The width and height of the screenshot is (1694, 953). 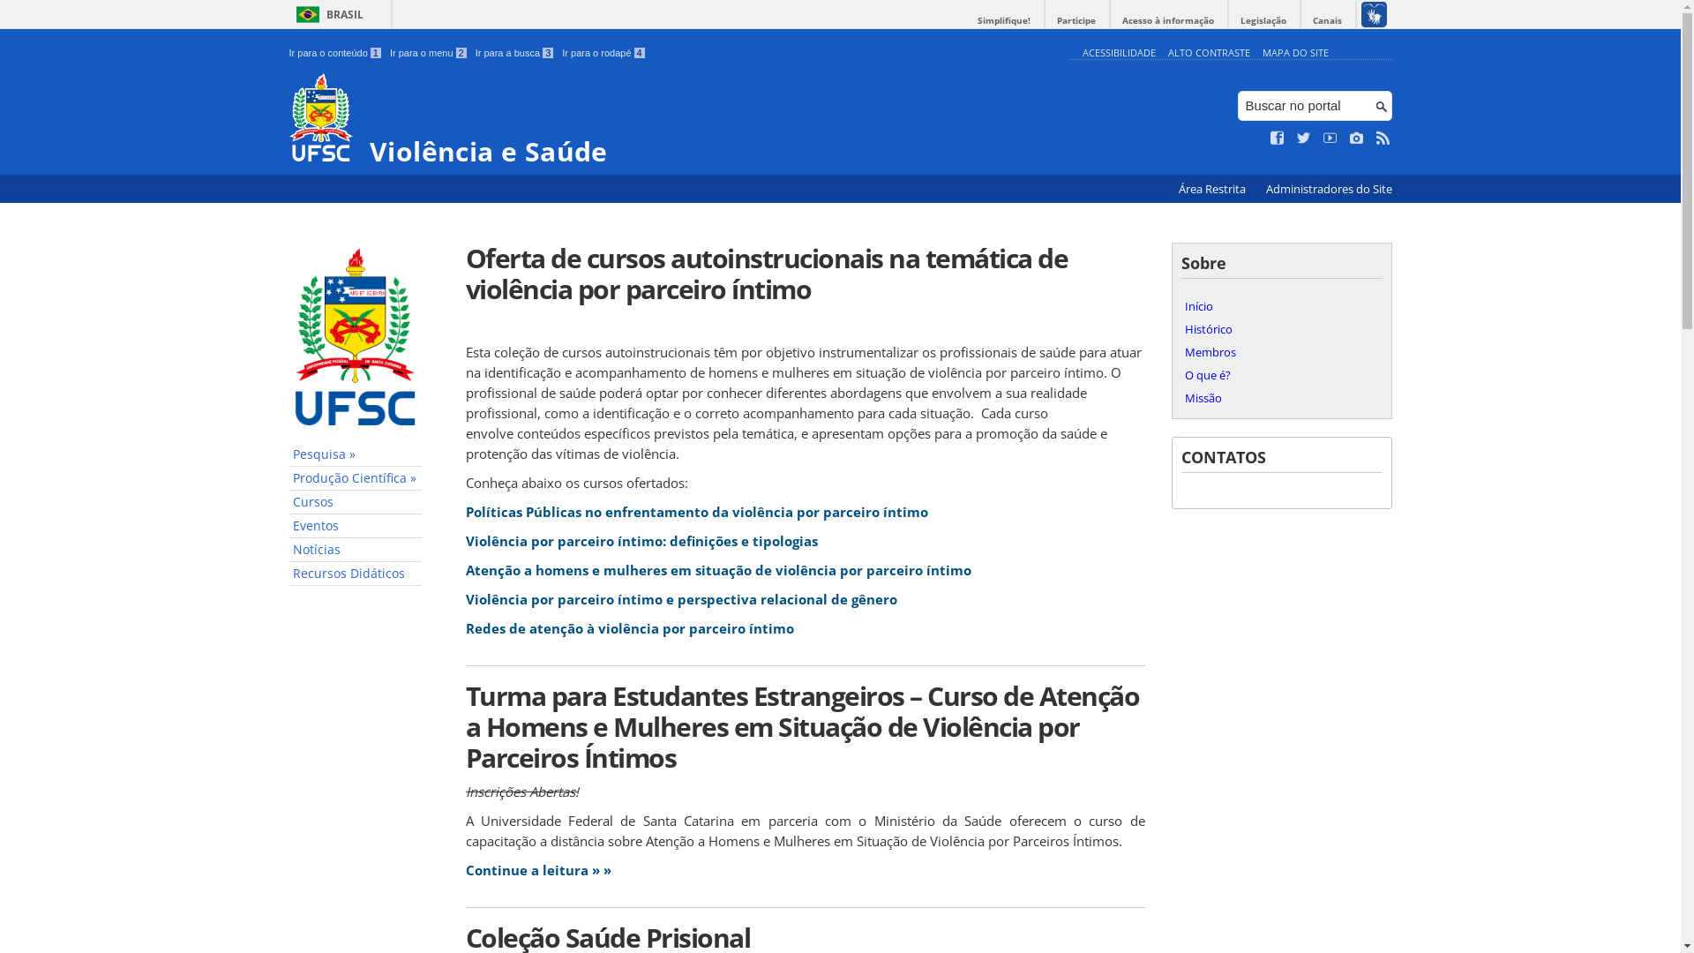 What do you see at coordinates (428, 52) in the screenshot?
I see `'Ir para o menu 2'` at bounding box center [428, 52].